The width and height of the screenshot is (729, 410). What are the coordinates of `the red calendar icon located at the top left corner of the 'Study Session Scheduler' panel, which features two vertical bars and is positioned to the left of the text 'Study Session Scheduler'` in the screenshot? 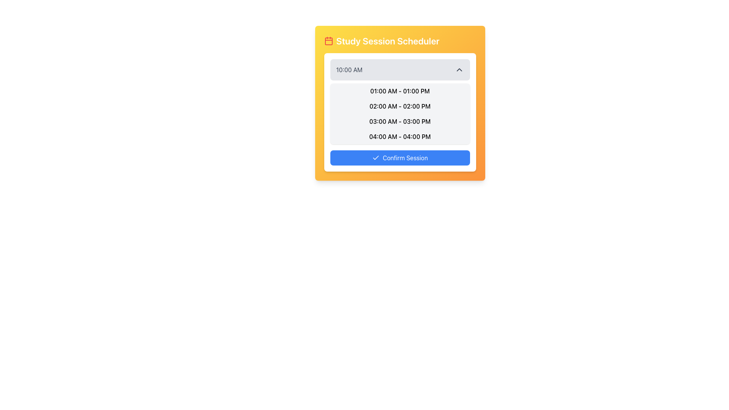 It's located at (328, 41).